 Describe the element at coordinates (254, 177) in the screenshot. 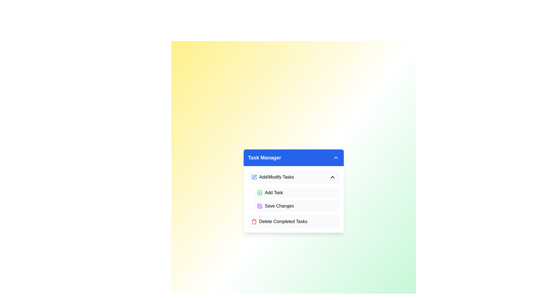

I see `the blue pen icon that is the leftmost component in the row labeled 'Add/Modify Tasks' within the 'Task Manager' dropdown menu` at that location.